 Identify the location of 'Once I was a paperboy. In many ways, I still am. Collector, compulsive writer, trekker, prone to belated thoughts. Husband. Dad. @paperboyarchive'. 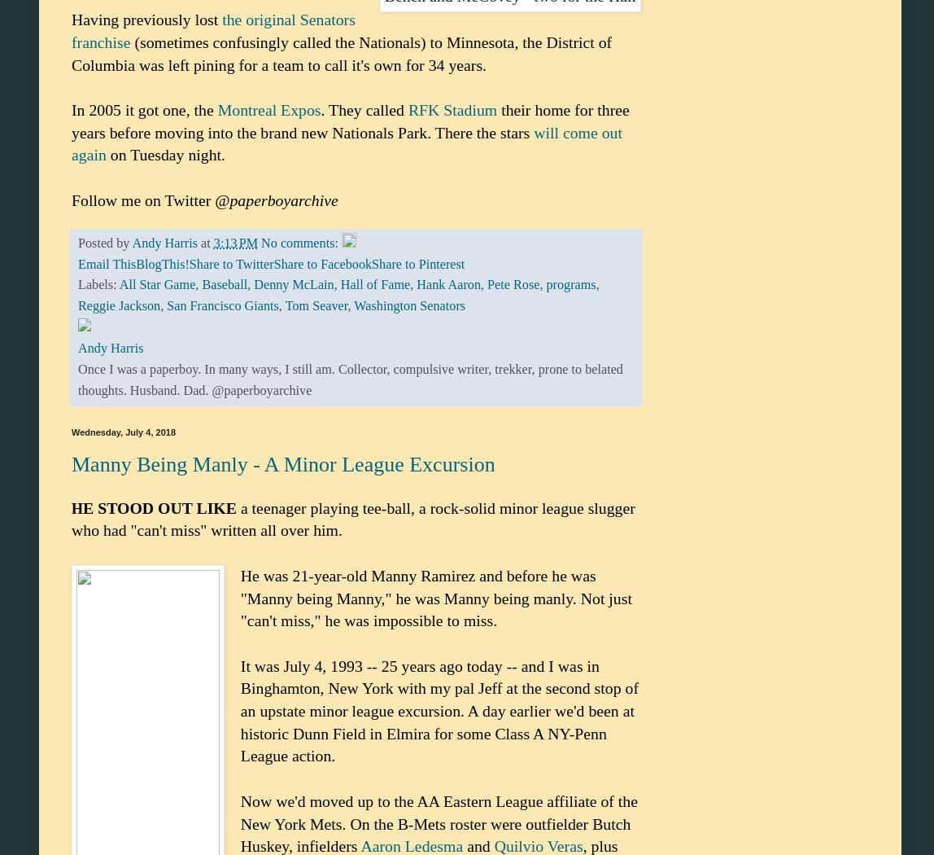
(350, 380).